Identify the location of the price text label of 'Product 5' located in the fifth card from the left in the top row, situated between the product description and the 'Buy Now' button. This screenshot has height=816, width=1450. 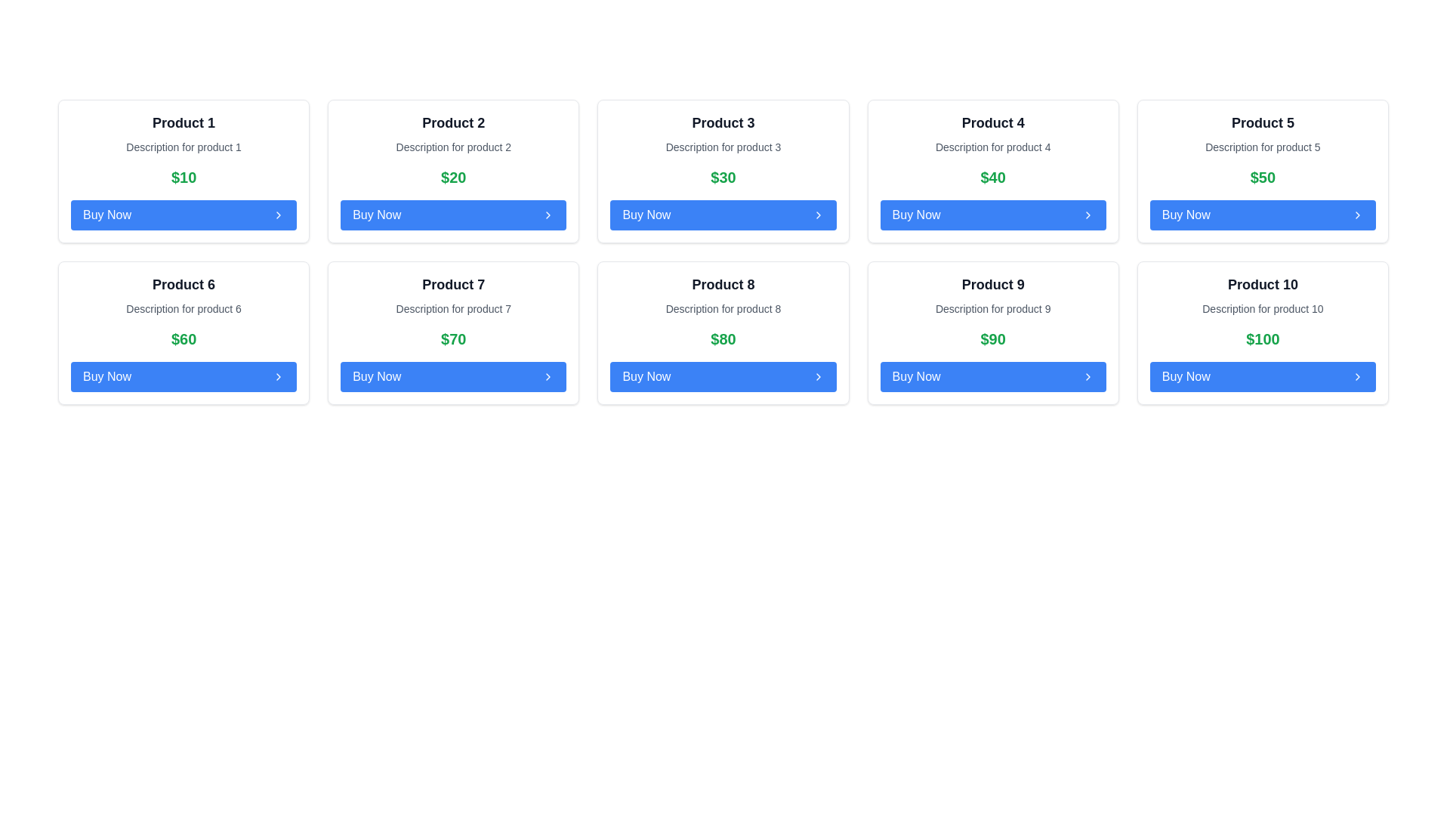
(1263, 177).